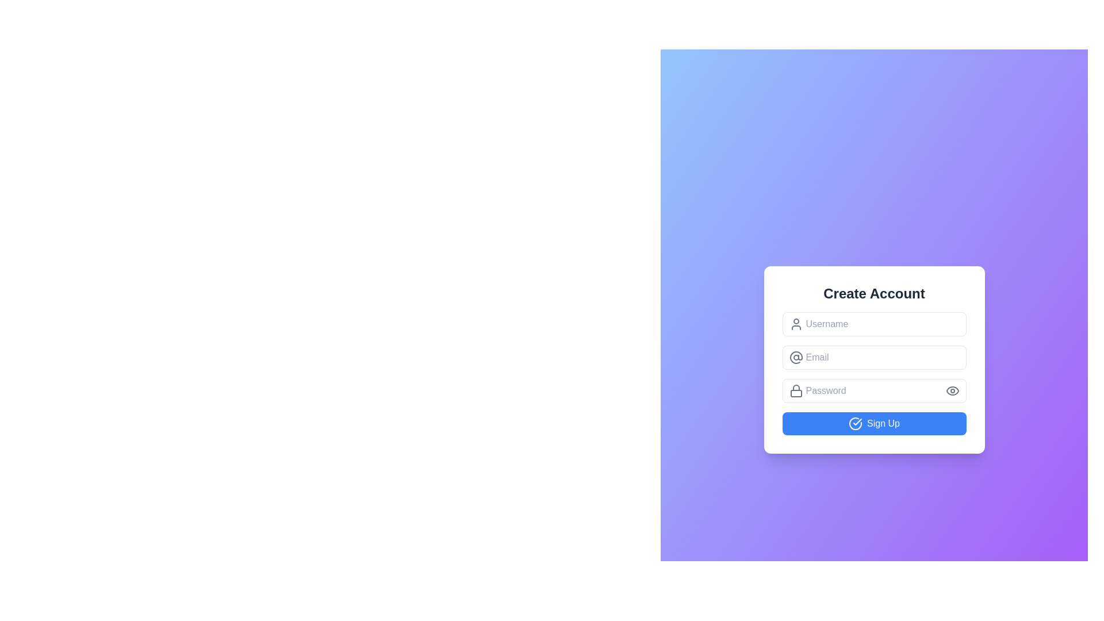 This screenshot has height=621, width=1104. I want to click on the 'Submit' button located at the bottom of the 'Create Account' card, so click(874, 423).